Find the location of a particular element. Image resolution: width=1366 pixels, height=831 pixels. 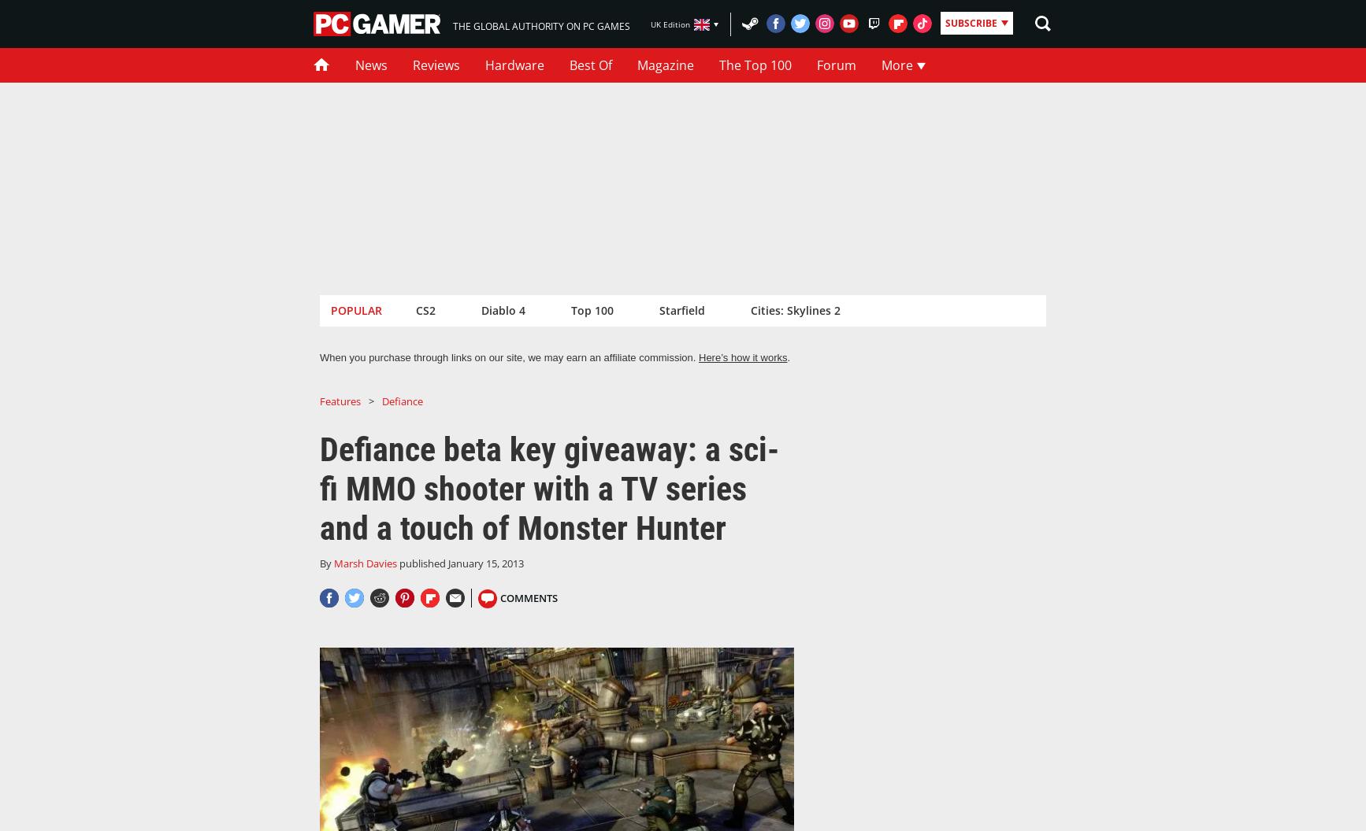

'By' is located at coordinates (326, 563).